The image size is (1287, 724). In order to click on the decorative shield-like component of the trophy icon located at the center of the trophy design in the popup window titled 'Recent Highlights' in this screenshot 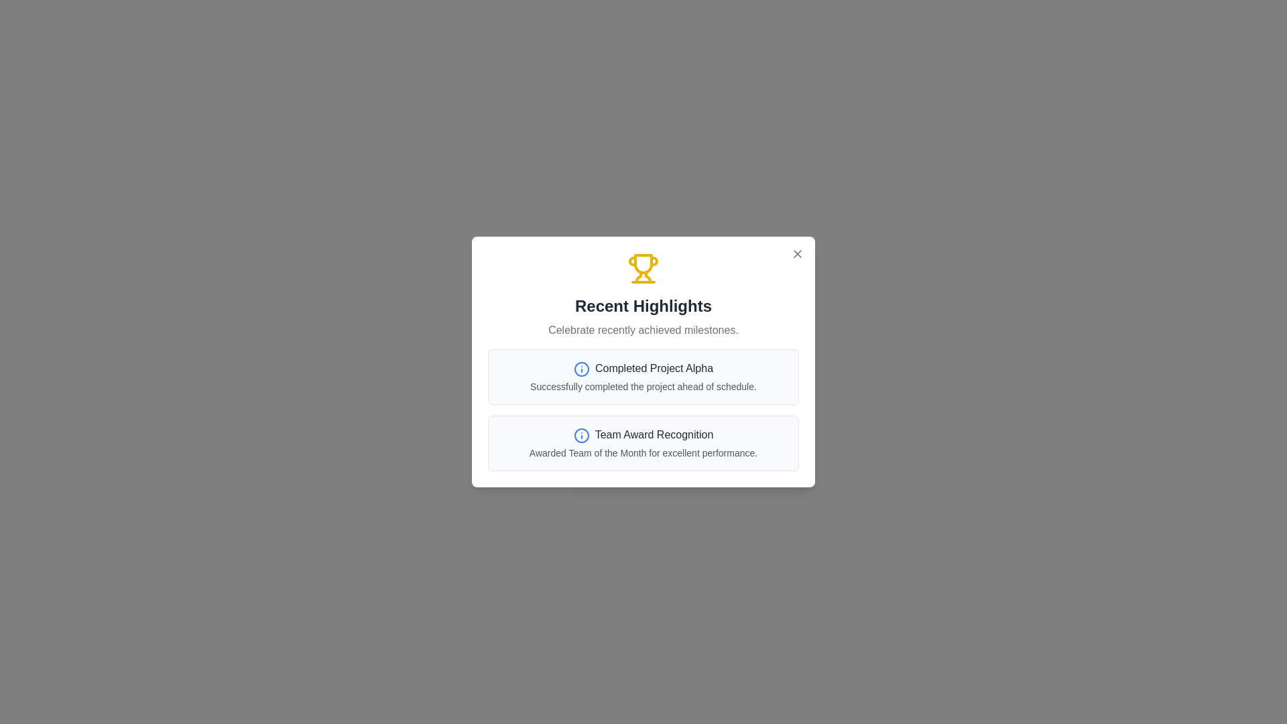, I will do `click(643, 263)`.